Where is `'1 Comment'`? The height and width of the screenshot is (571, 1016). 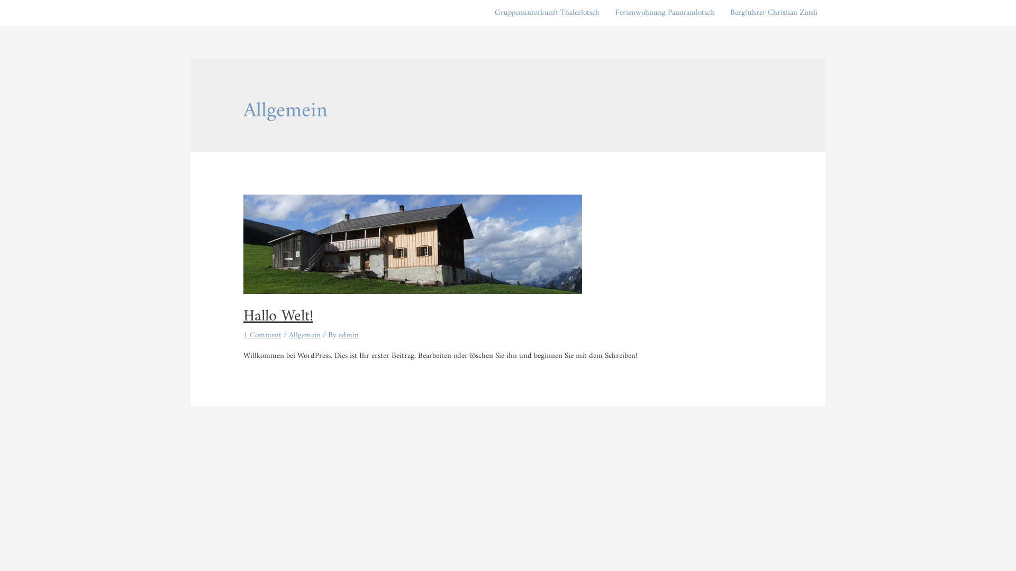 '1 Comment' is located at coordinates (262, 335).